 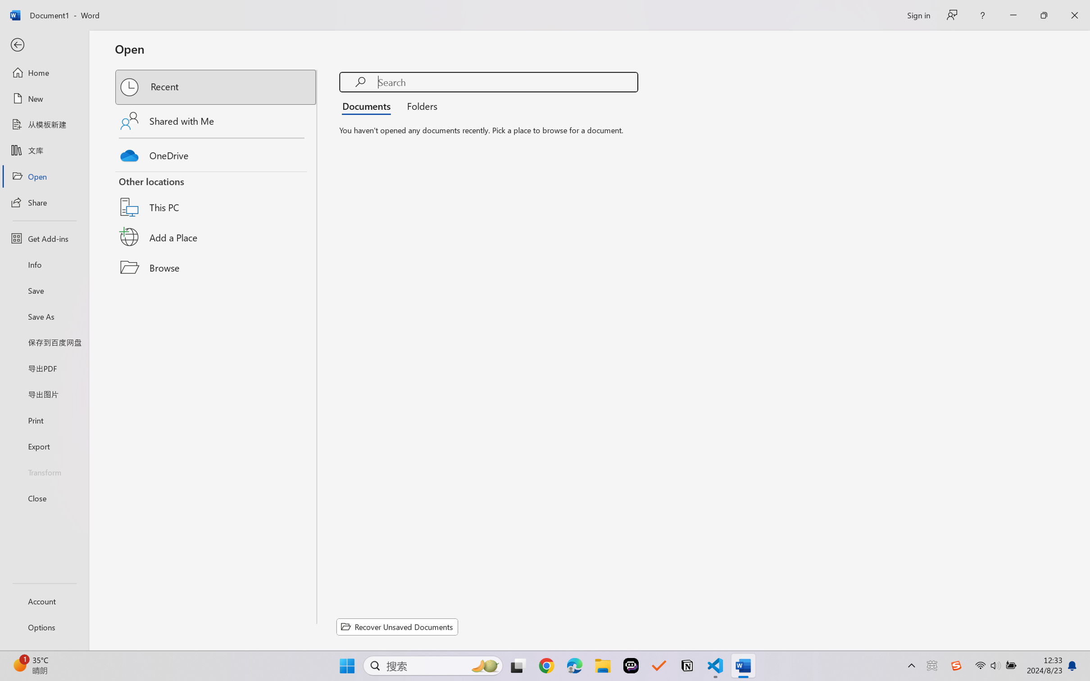 What do you see at coordinates (216, 120) in the screenshot?
I see `'Shared with Me'` at bounding box center [216, 120].